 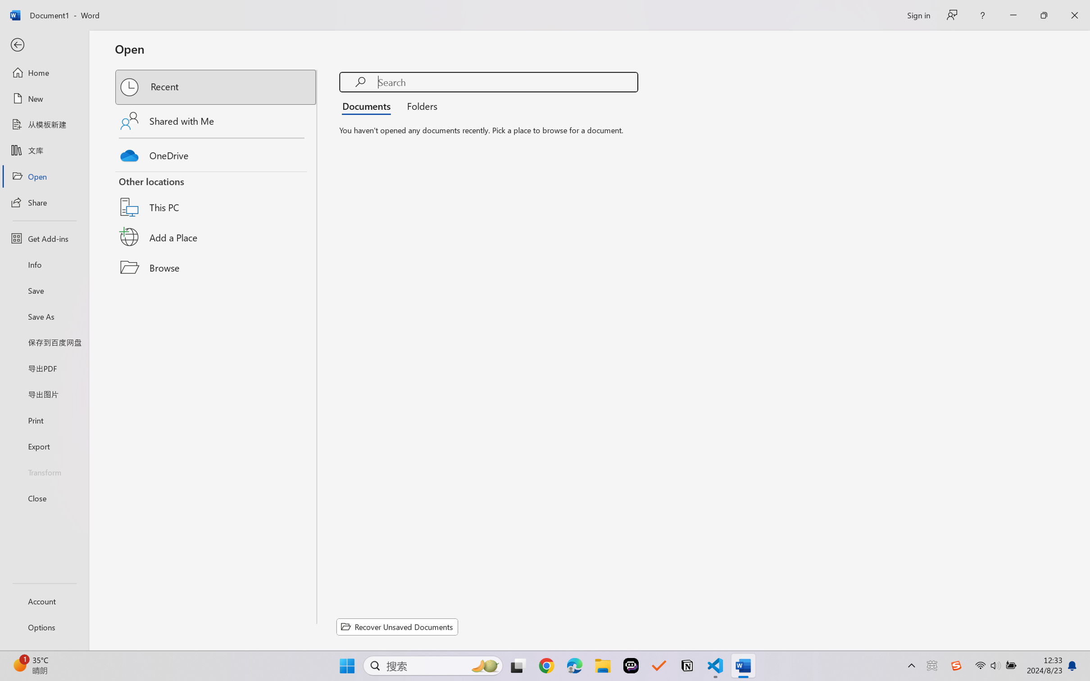 What do you see at coordinates (216, 120) in the screenshot?
I see `'Shared with Me'` at bounding box center [216, 120].